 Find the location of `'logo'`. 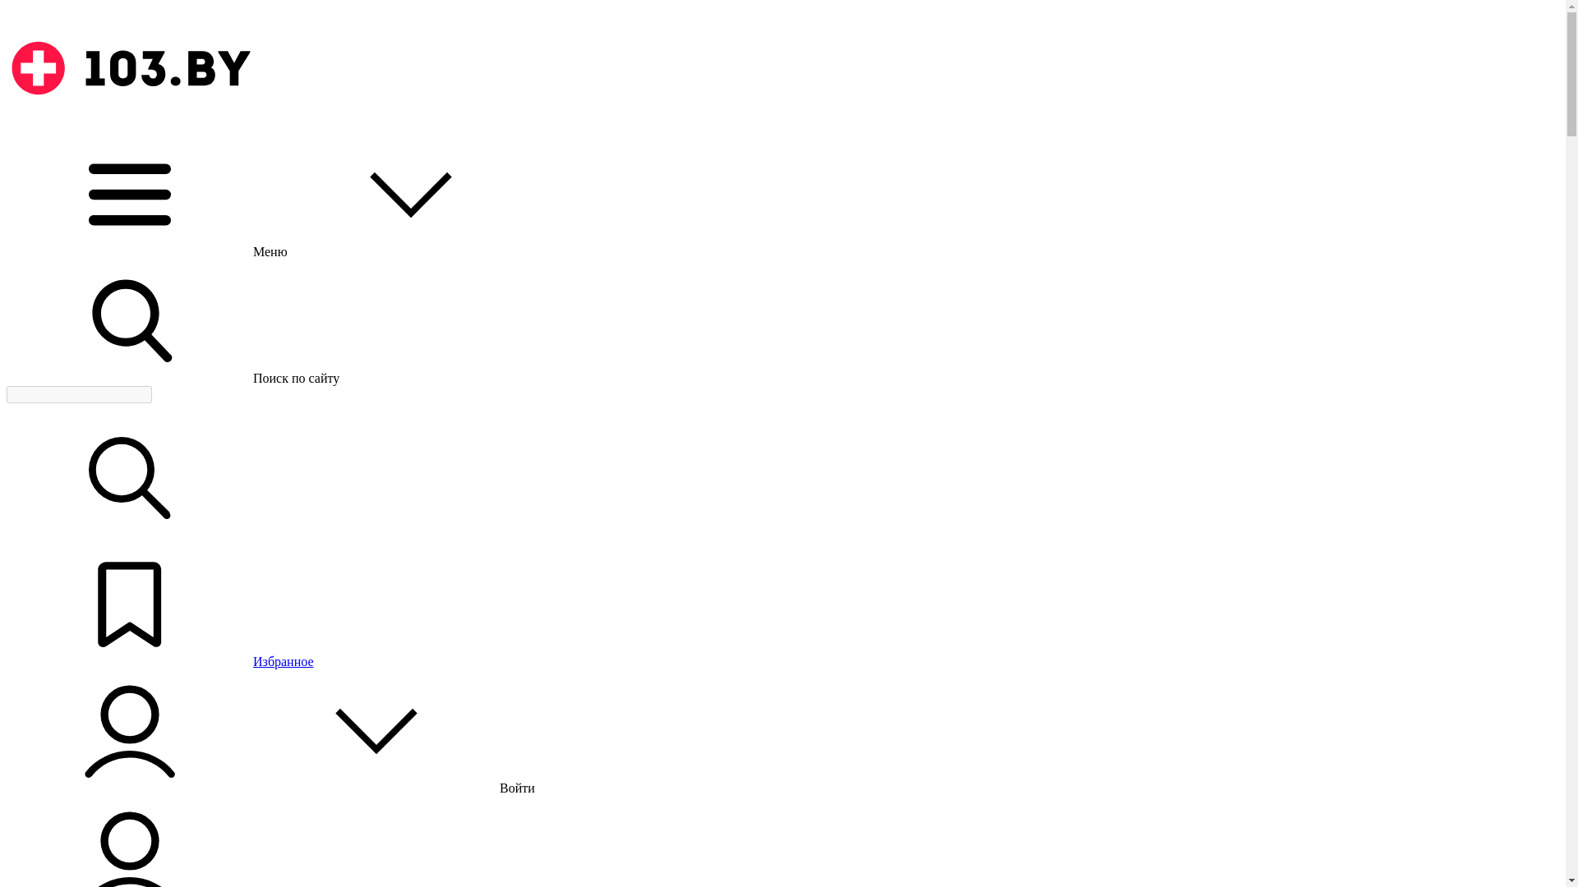

'logo' is located at coordinates (129, 67).